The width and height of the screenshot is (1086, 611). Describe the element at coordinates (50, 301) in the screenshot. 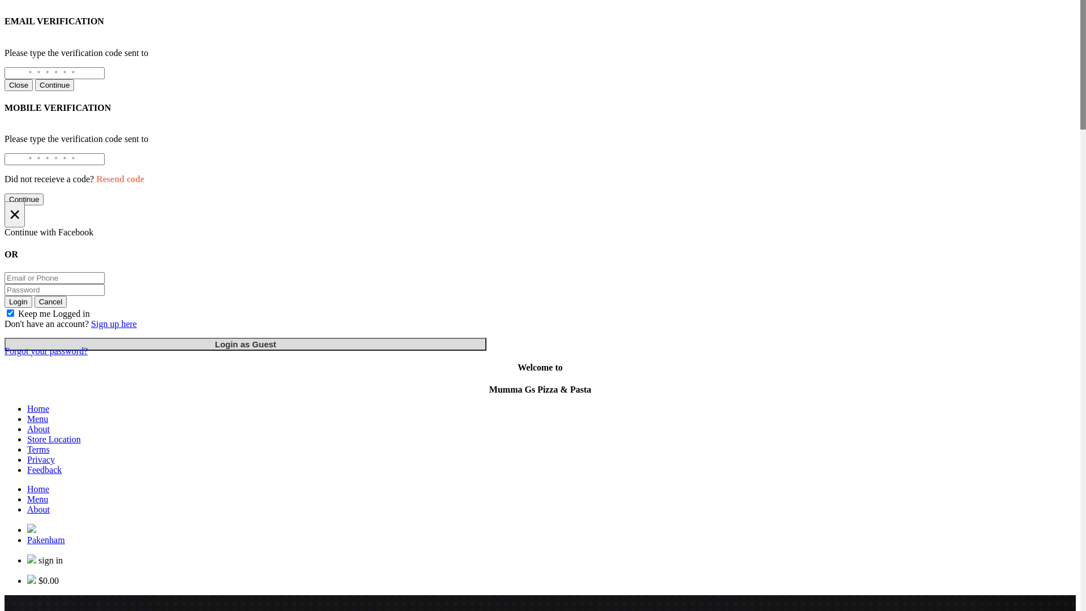

I see `'Cancel'` at that location.